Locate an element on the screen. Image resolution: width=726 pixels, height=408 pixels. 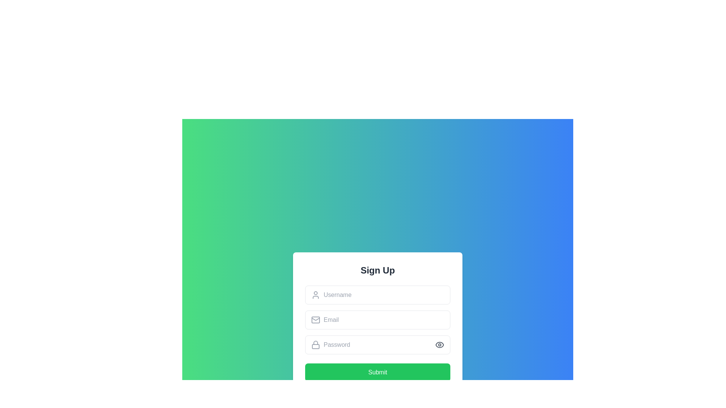
the lock icon located to the left of the 'Password' input field, which has a rounded top and rectangular base in a grayscale color scheme is located at coordinates (316, 345).